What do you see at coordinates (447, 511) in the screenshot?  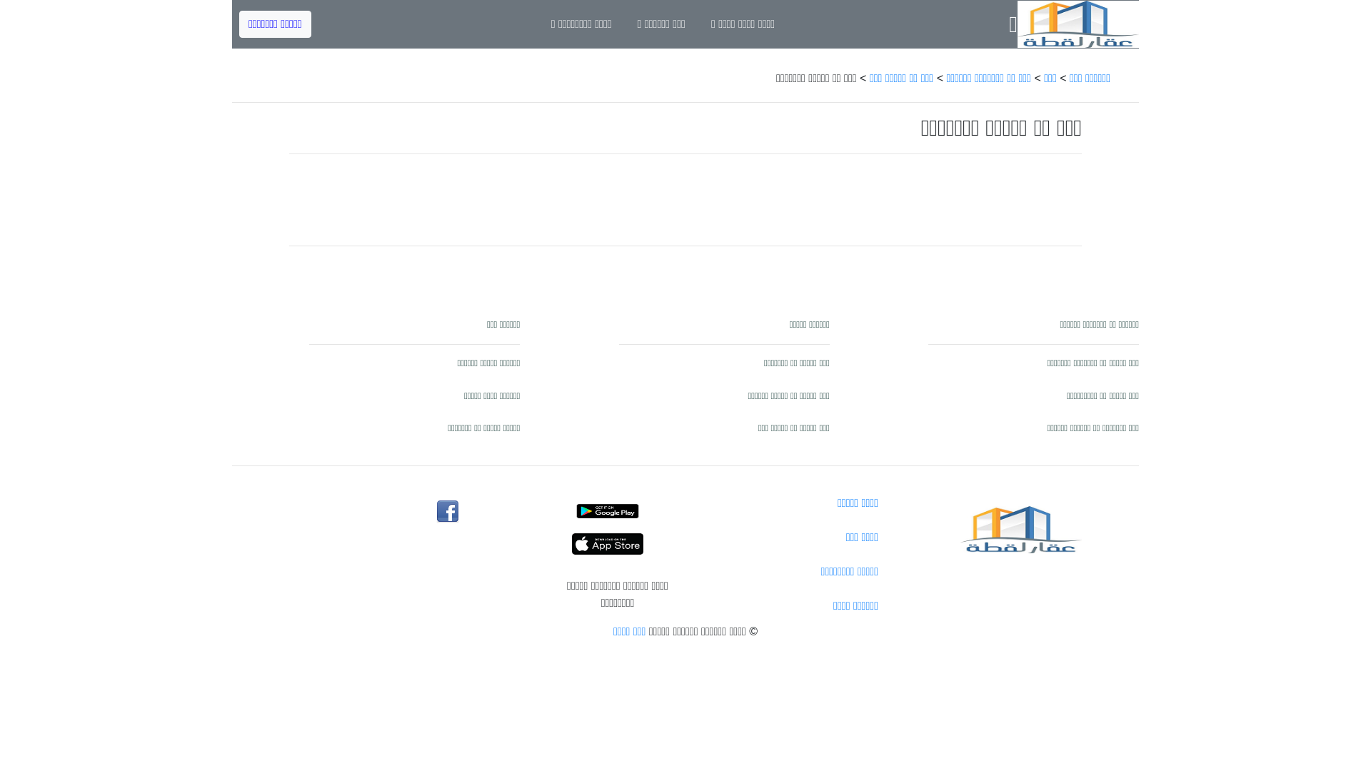 I see `'3qarlo2ta facebook'` at bounding box center [447, 511].